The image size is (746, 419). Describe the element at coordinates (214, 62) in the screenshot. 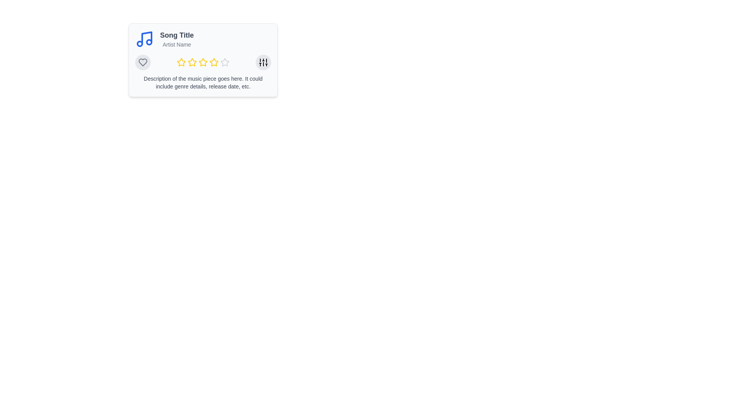

I see `the fourth star icon in the rating system` at that location.